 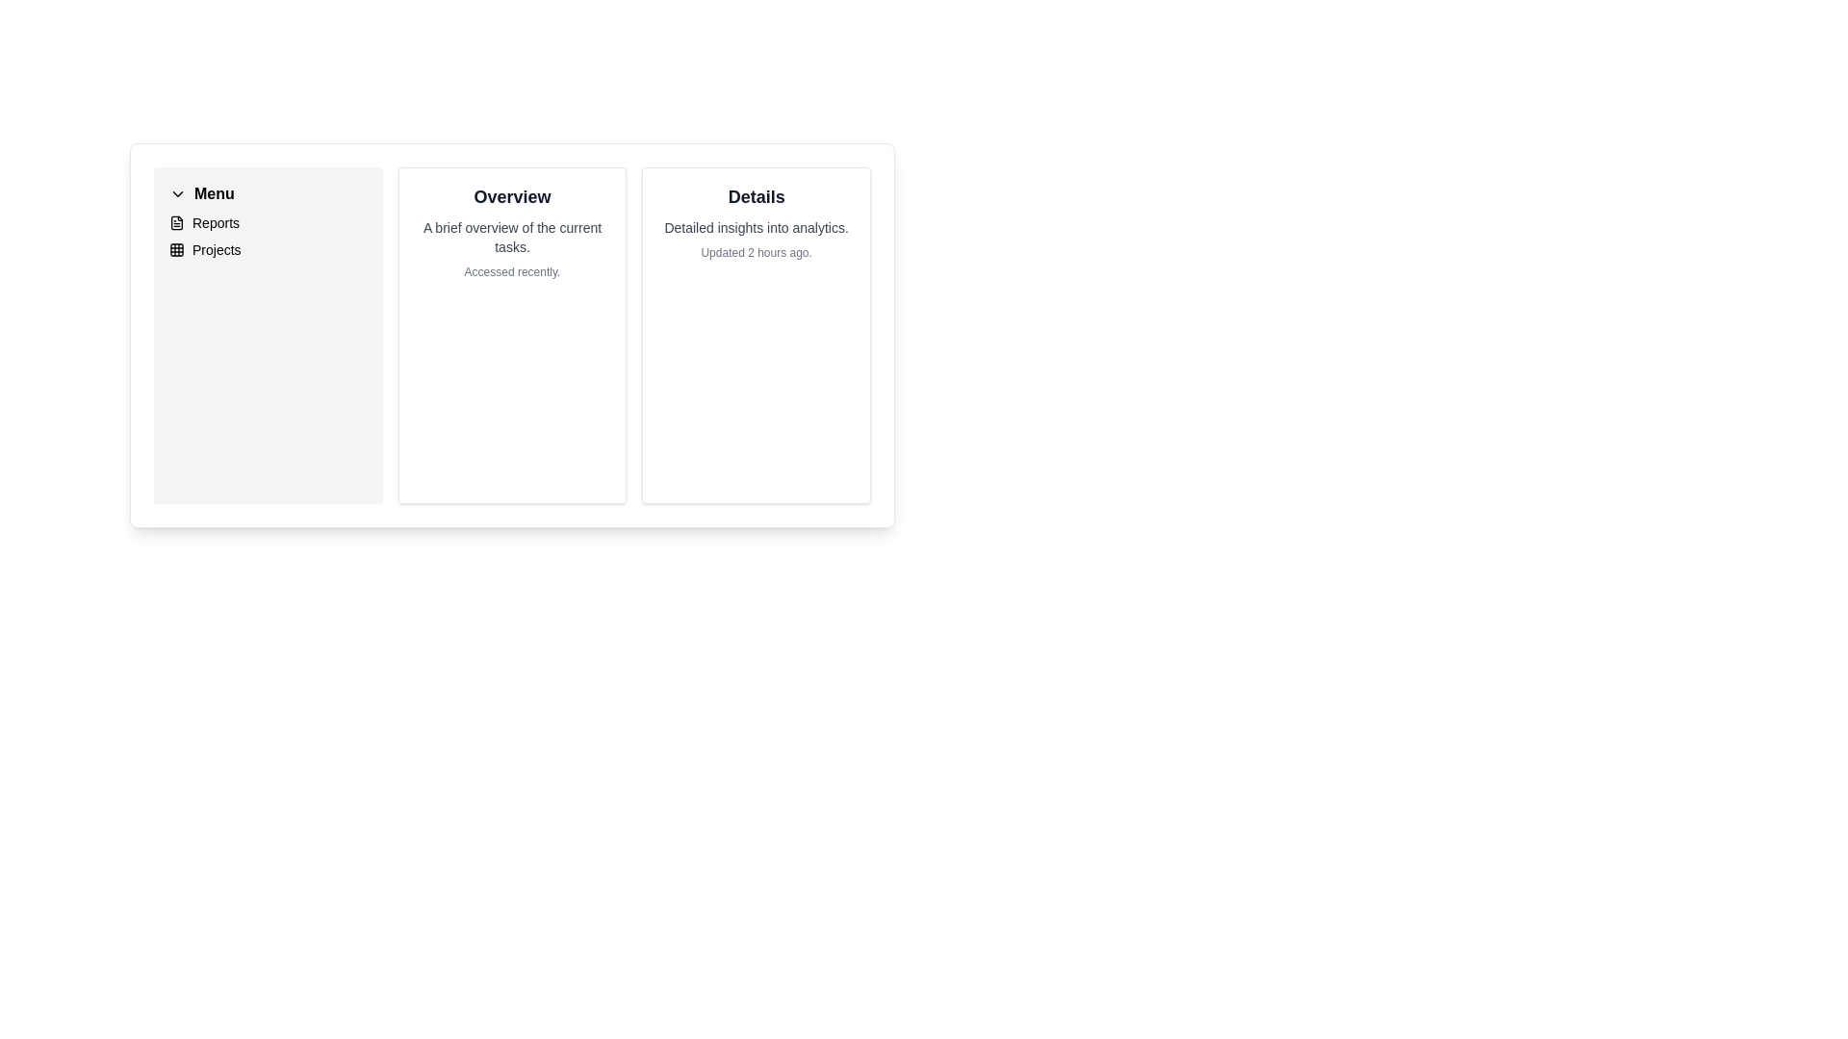 I want to click on the static text that provides descriptive information related to analytics, positioned below the 'Details' title and above the timestamp text in the rightmost section of the interface, so click(x=756, y=226).